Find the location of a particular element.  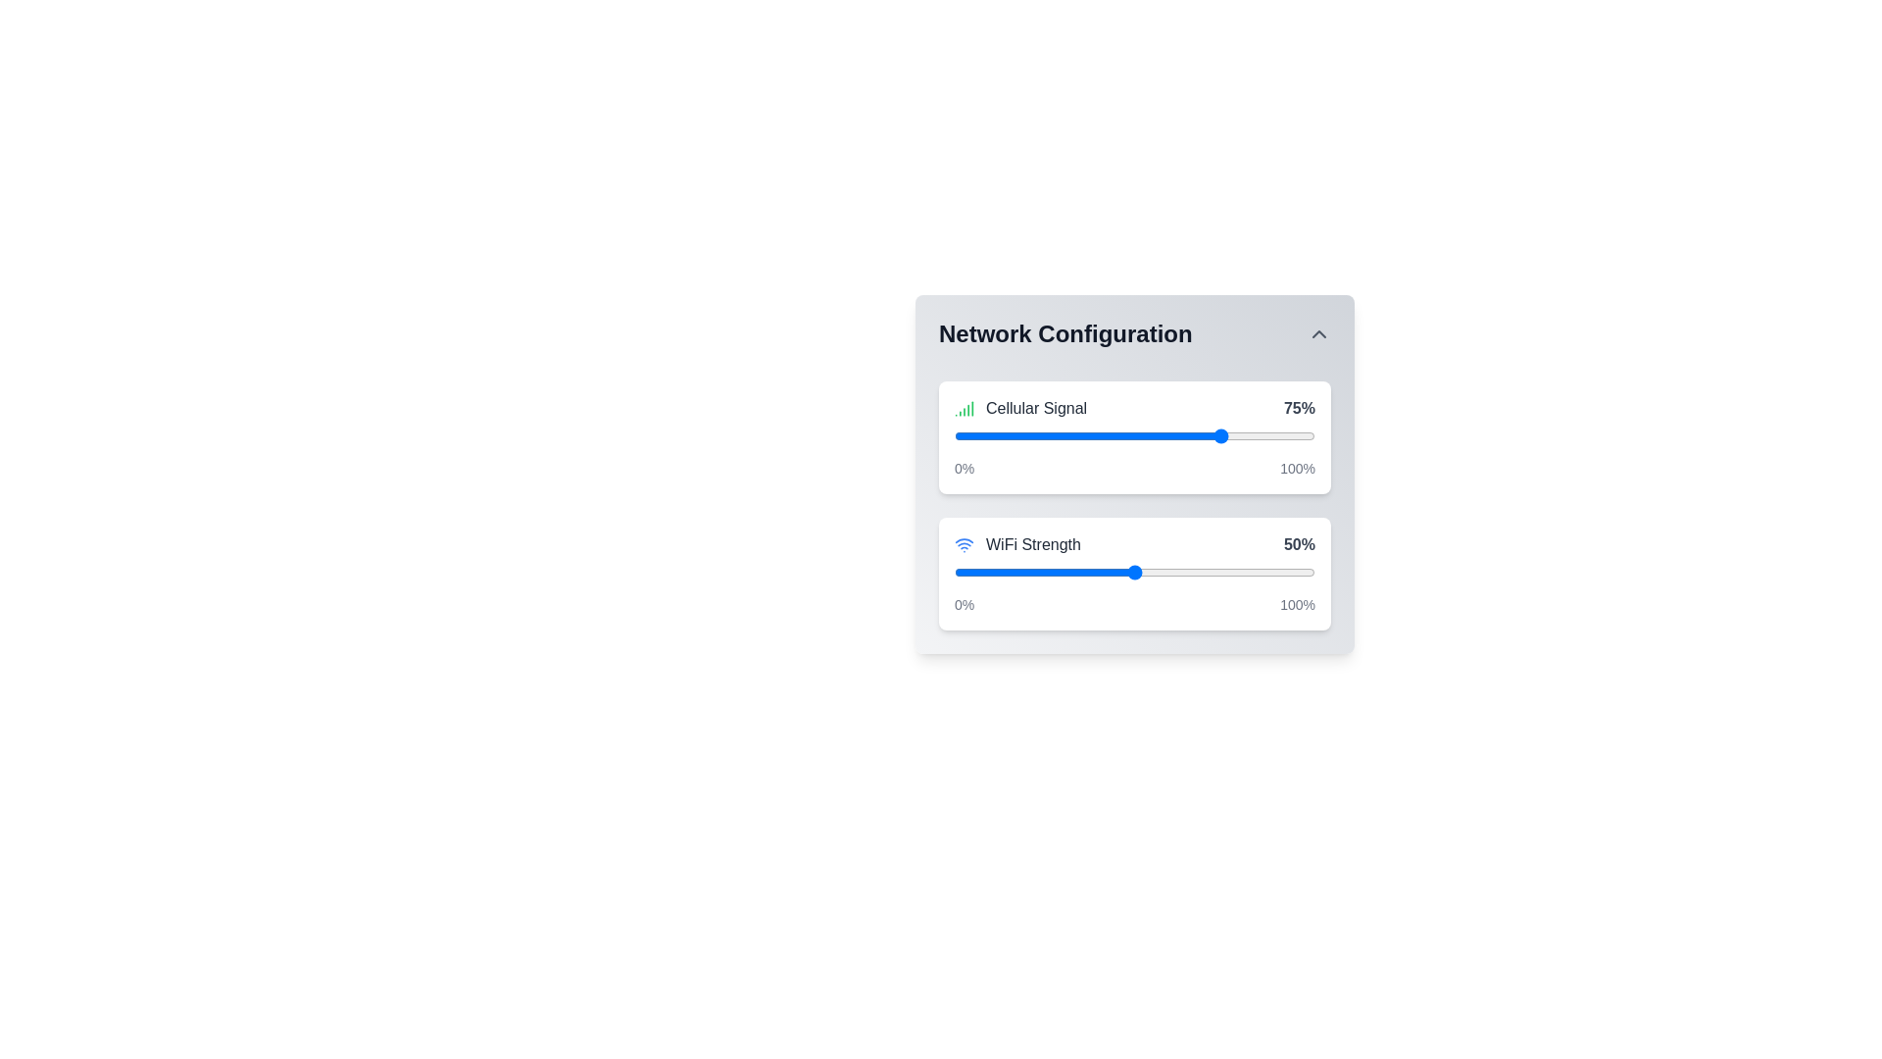

the cellular signal strength is located at coordinates (1195, 434).